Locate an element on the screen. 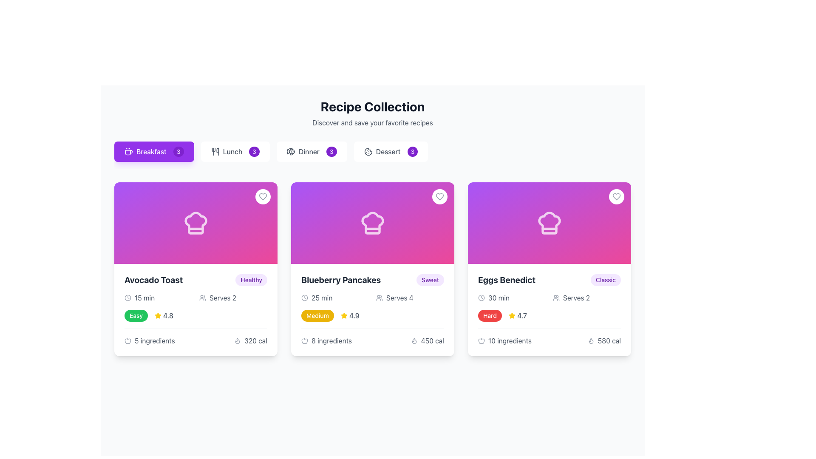  rating value text label located in the second column of the cards in the first row, below the title 'Avocado Toast' and to the right of the yellow star icon is located at coordinates (168, 316).